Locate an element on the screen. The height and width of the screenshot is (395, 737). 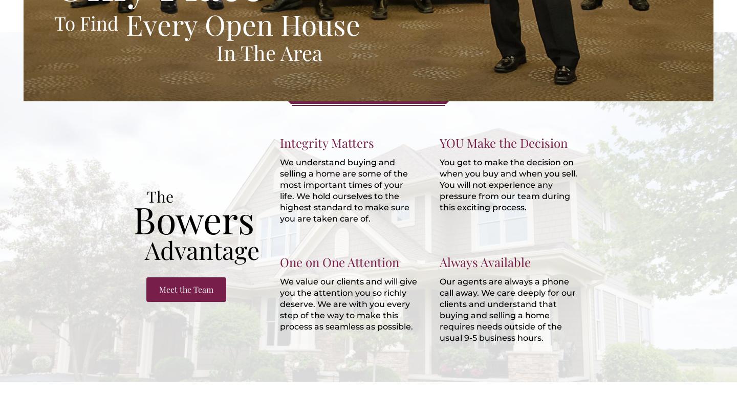
'Every Open House' is located at coordinates (243, 24).